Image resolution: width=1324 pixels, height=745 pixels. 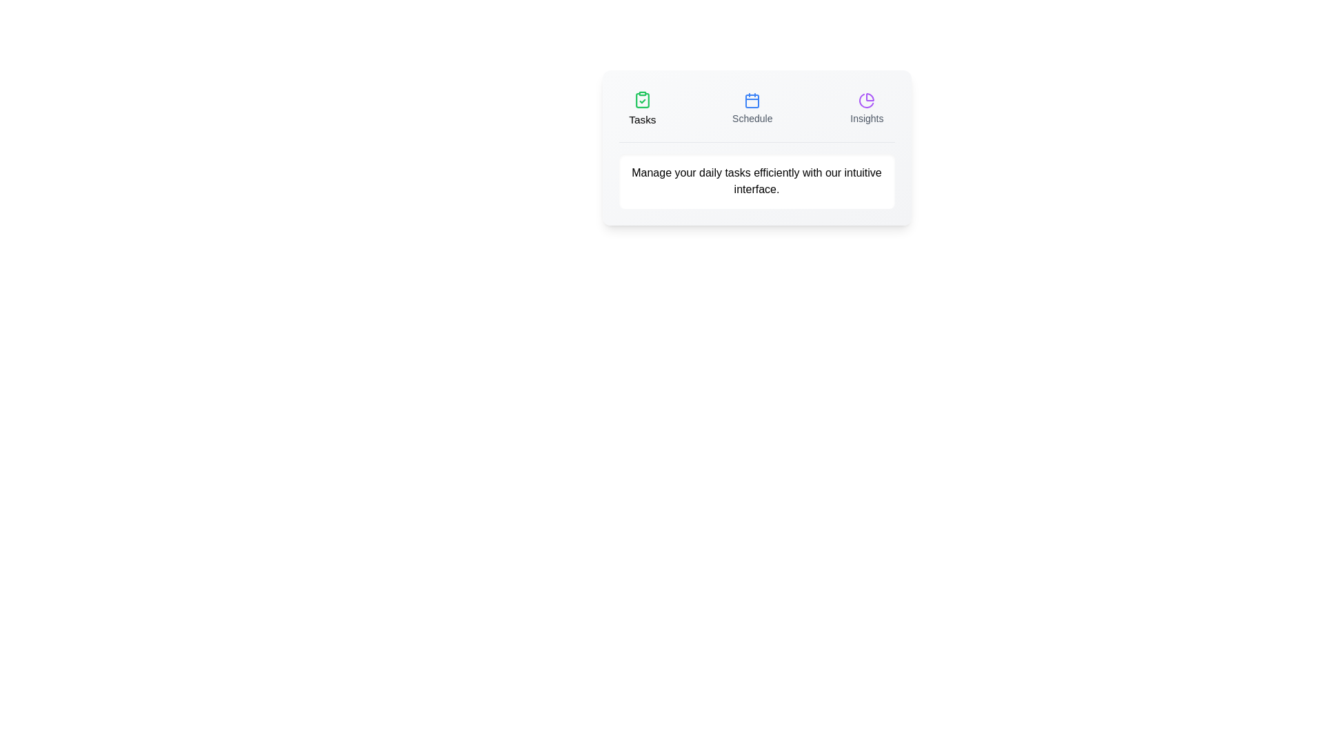 I want to click on the Tasks tab by clicking on its label or icon, so click(x=641, y=108).